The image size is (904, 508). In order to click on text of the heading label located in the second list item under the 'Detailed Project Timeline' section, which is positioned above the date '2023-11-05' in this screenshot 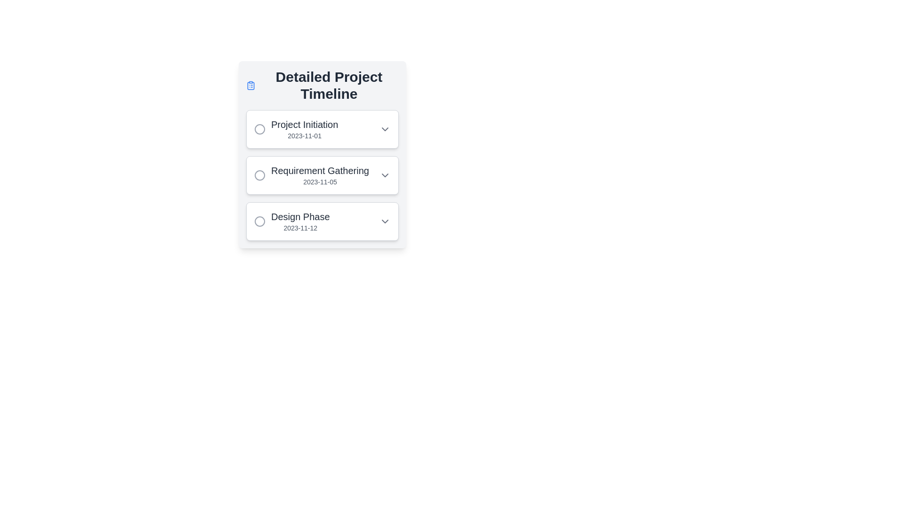, I will do `click(320, 170)`.